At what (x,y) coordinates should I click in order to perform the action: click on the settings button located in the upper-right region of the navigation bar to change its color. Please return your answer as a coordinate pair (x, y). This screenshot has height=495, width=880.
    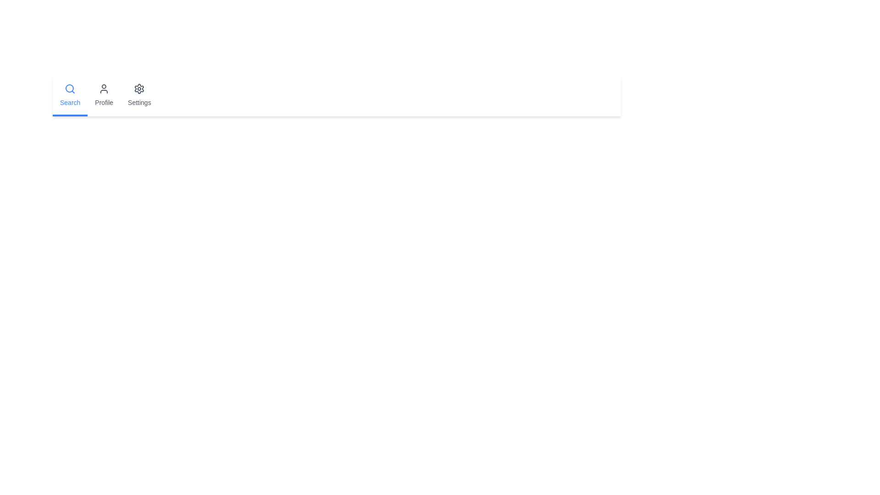
    Looking at the image, I should click on (139, 96).